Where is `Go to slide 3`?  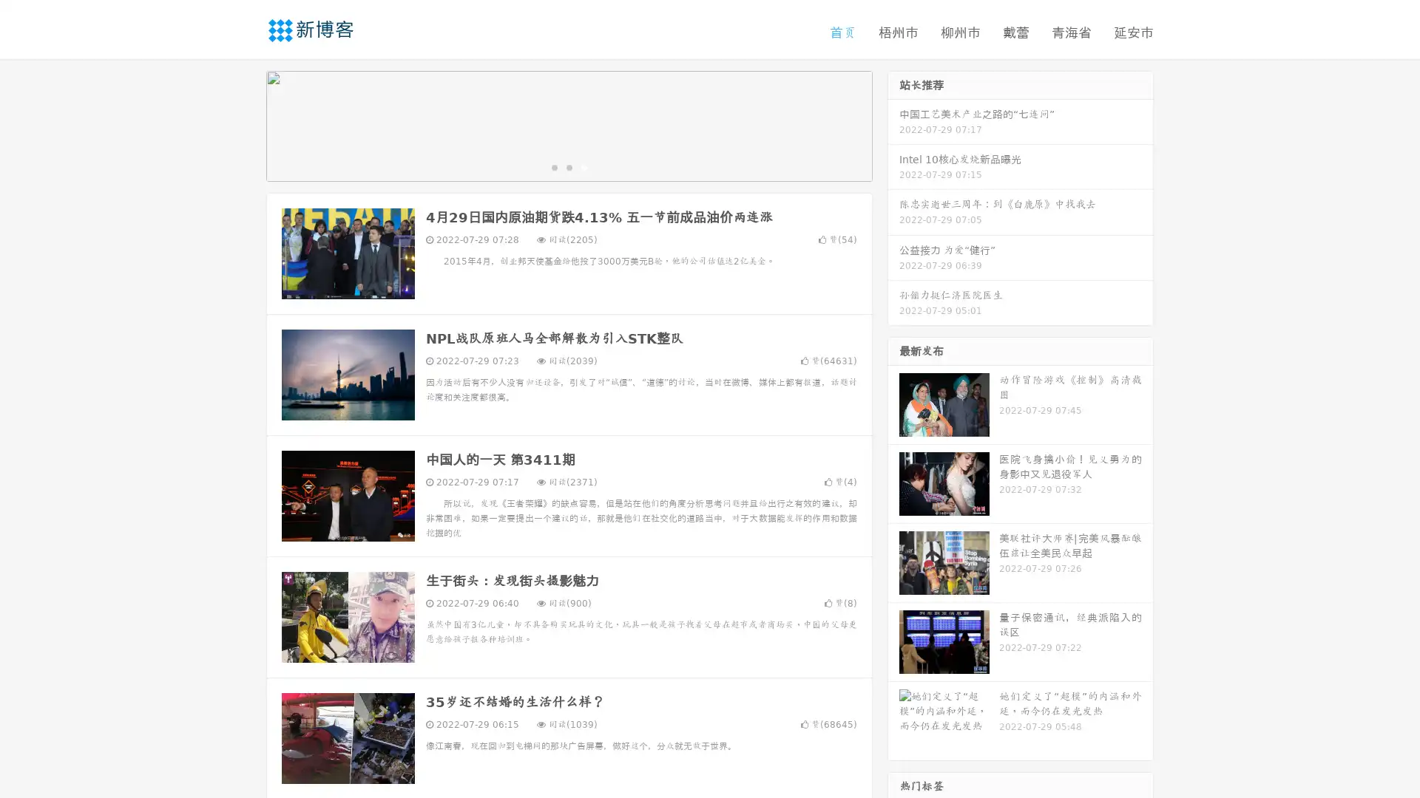
Go to slide 3 is located at coordinates (584, 166).